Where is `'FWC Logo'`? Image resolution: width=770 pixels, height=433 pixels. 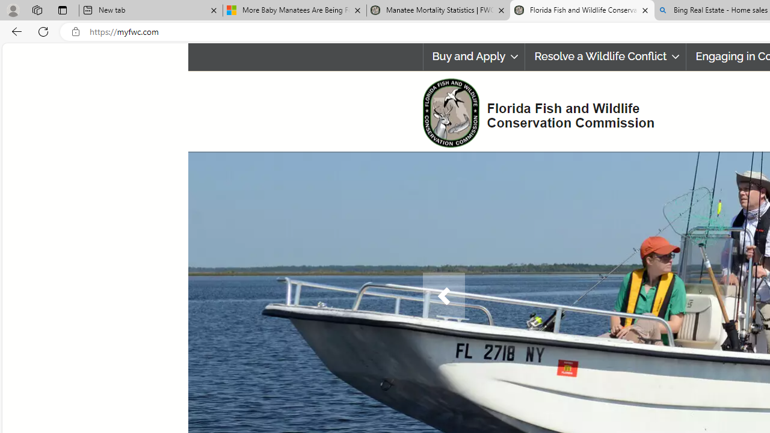 'FWC Logo' is located at coordinates (450, 112).